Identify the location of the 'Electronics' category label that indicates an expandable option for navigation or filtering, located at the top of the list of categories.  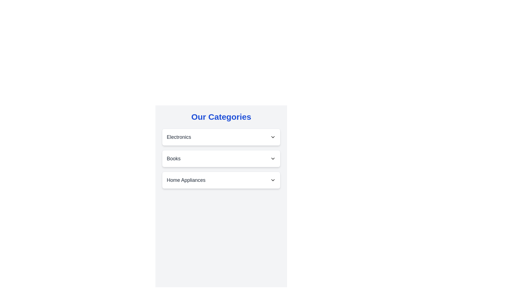
(179, 137).